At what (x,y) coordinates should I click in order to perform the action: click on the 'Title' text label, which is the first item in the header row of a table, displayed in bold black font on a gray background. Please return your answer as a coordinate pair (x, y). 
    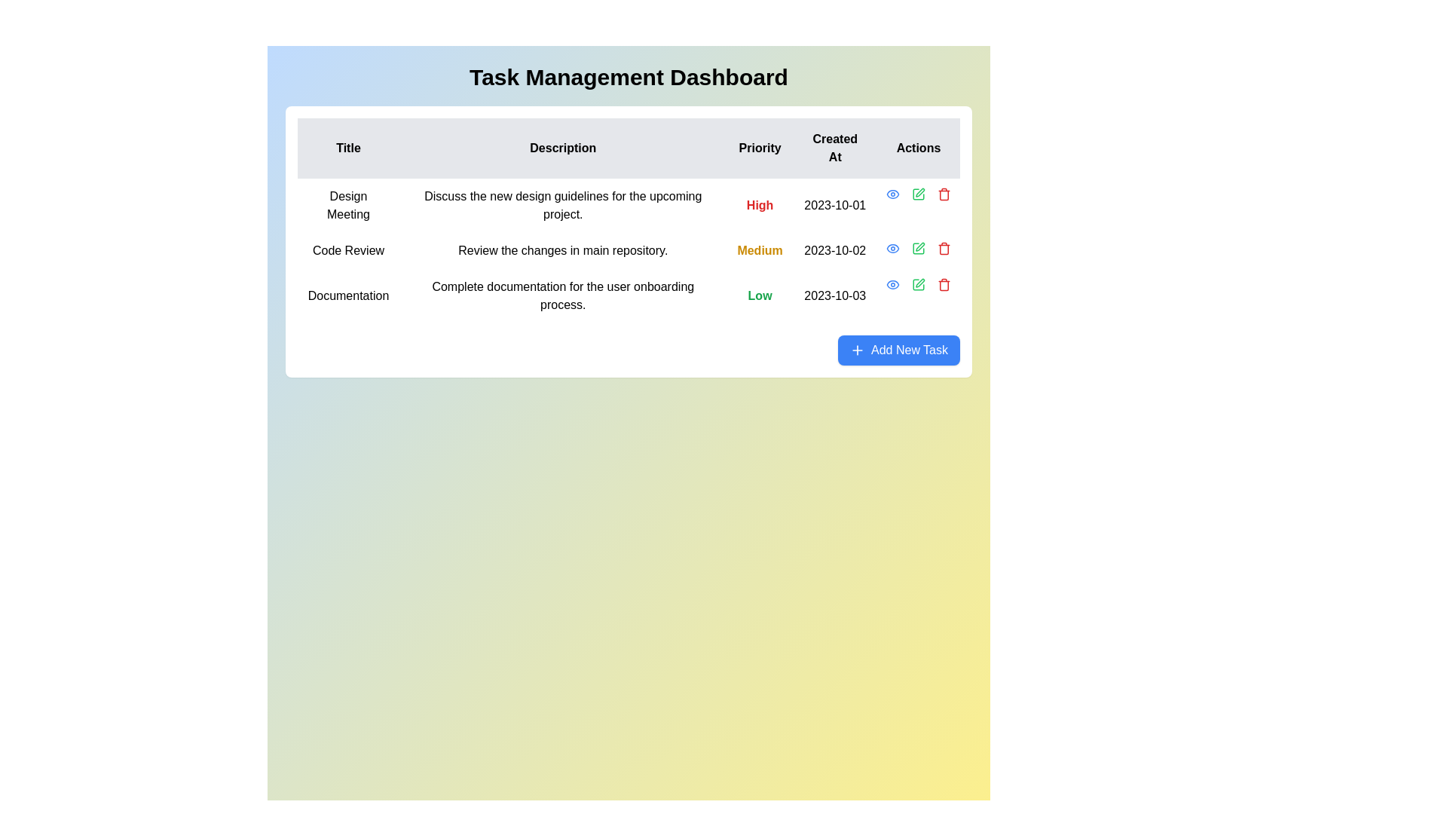
    Looking at the image, I should click on (347, 148).